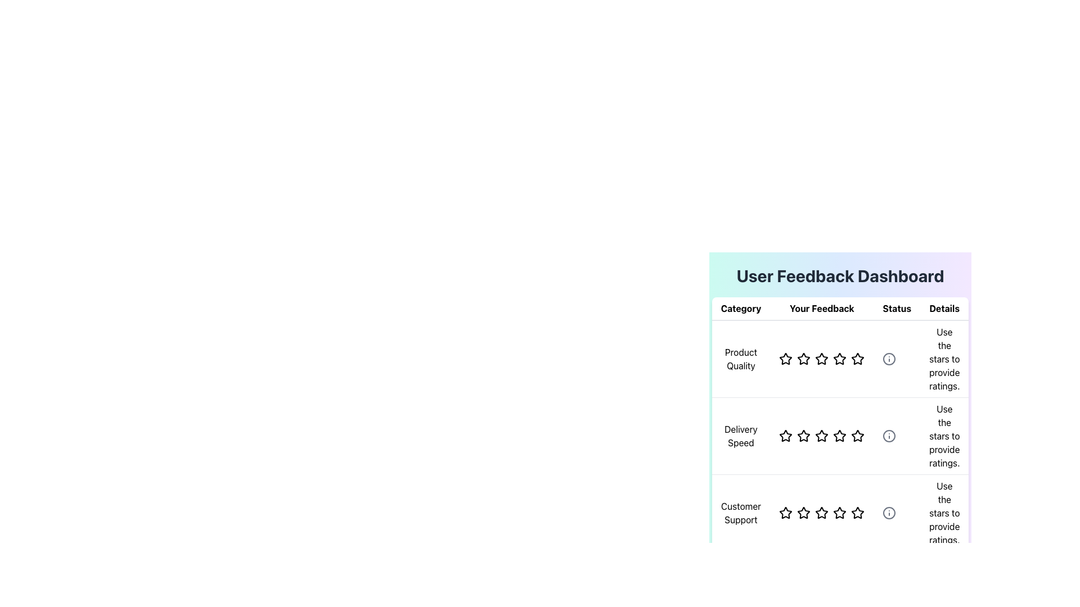 This screenshot has width=1080, height=607. Describe the element at coordinates (822, 359) in the screenshot. I see `the second star icon in the 'Product Quality' row under the 'Your Feedback' column` at that location.